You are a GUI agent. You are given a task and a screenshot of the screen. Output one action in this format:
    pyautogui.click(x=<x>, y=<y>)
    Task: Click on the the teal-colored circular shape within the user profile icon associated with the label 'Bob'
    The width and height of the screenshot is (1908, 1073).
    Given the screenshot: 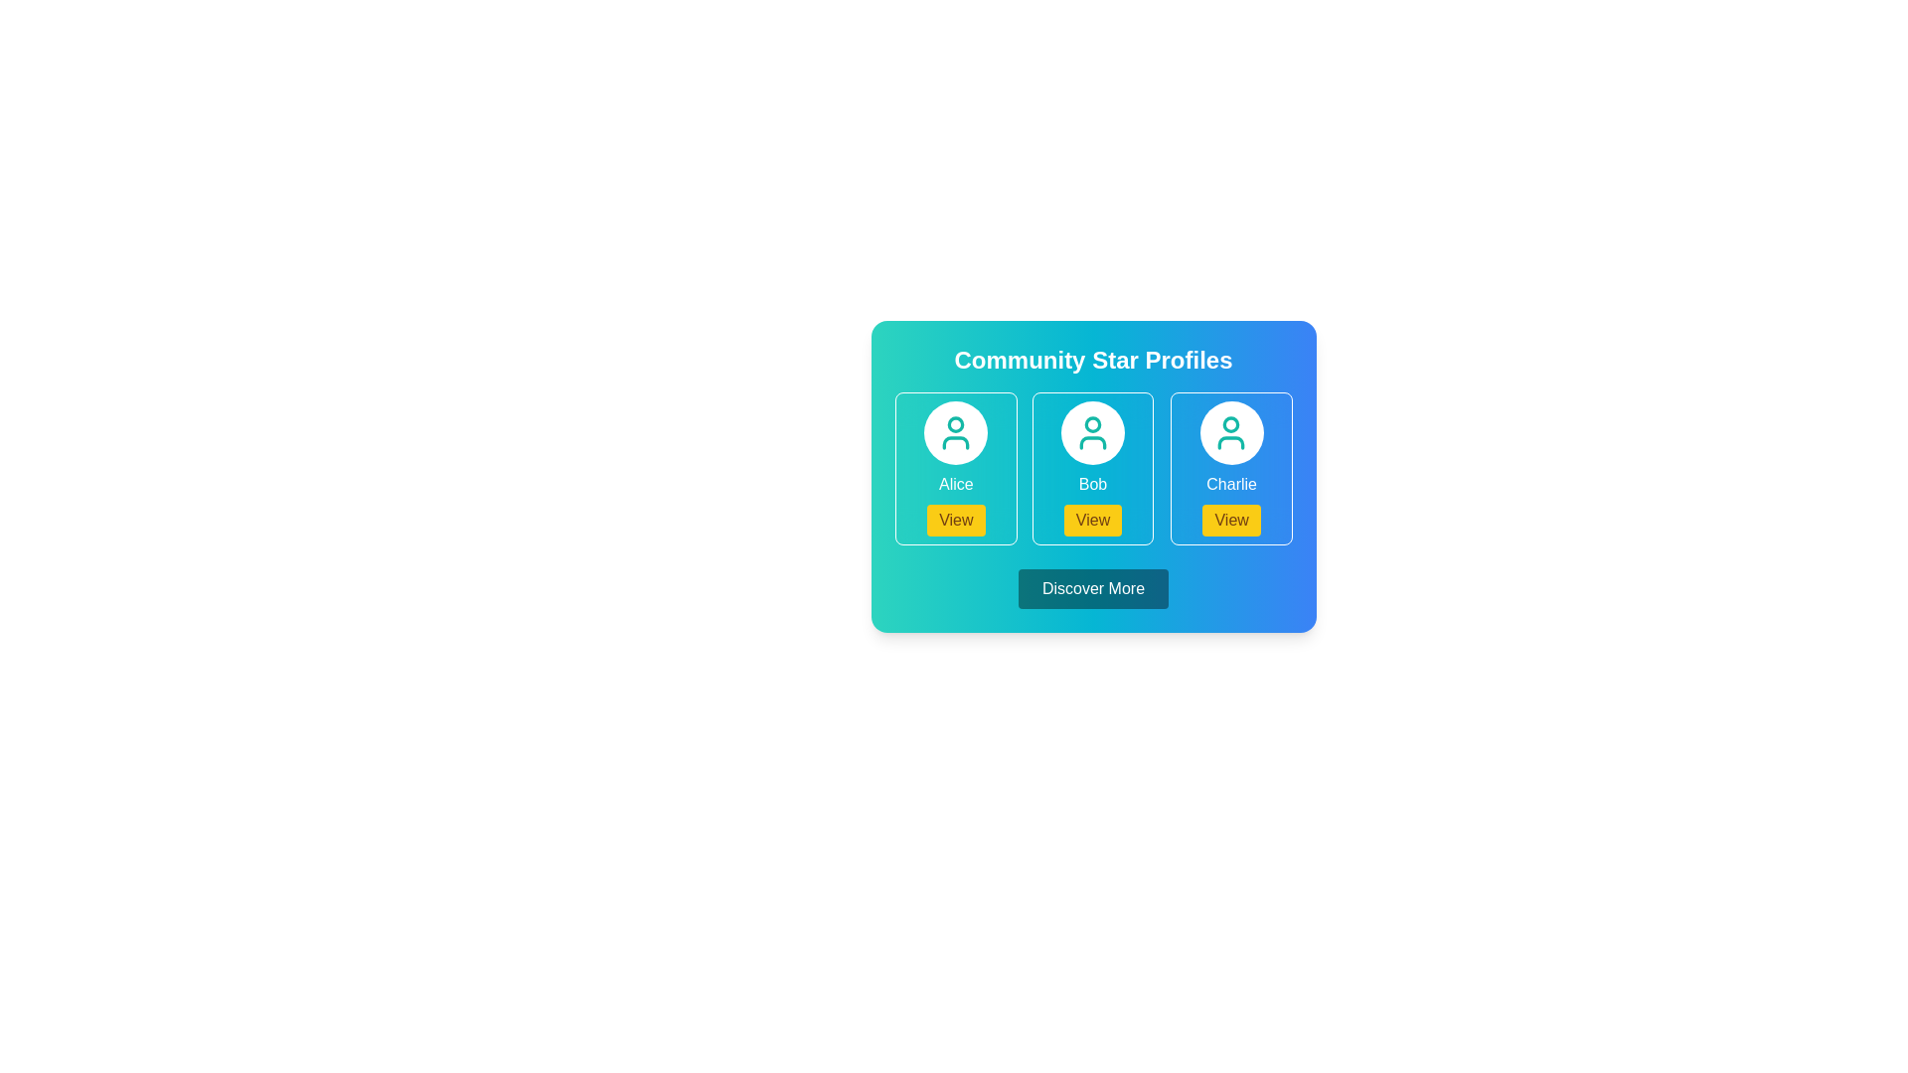 What is the action you would take?
    pyautogui.click(x=1230, y=423)
    